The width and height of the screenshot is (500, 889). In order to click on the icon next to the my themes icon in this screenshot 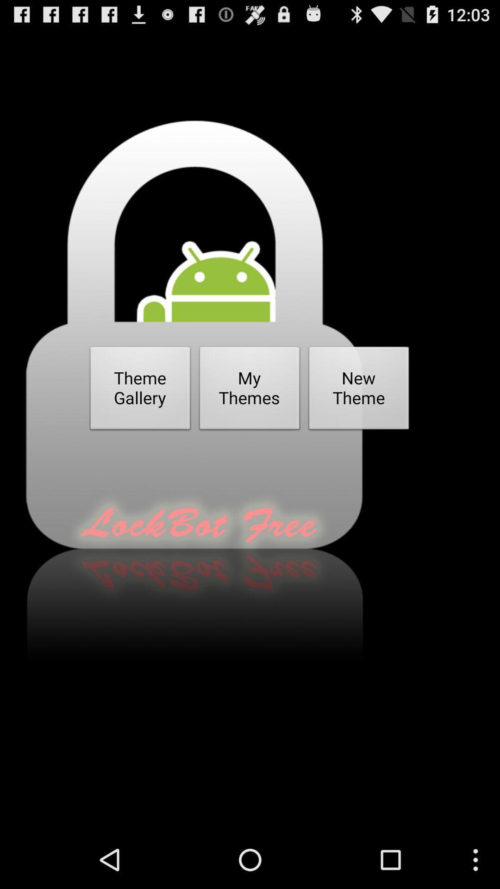, I will do `click(140, 391)`.